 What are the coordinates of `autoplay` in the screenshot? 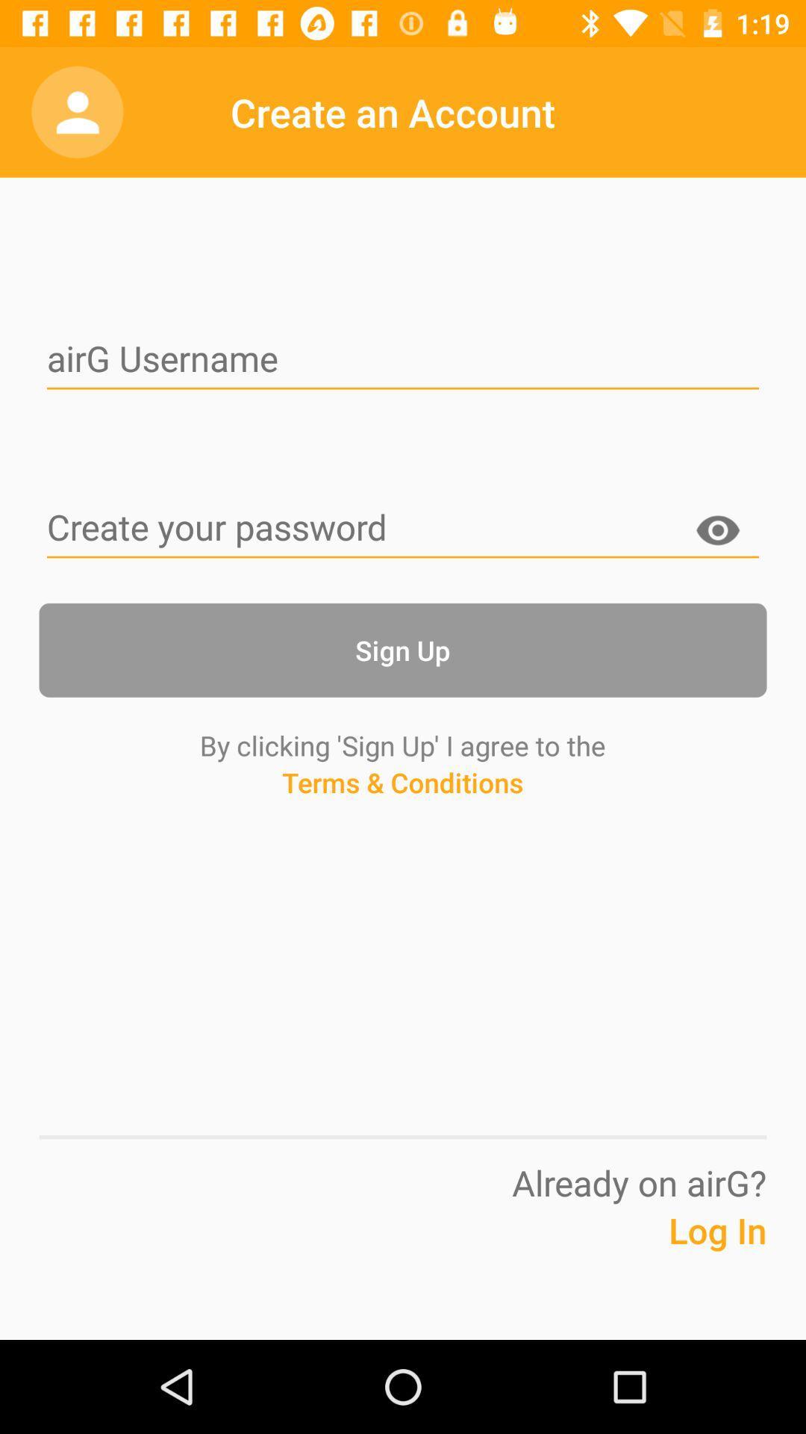 It's located at (403, 529).